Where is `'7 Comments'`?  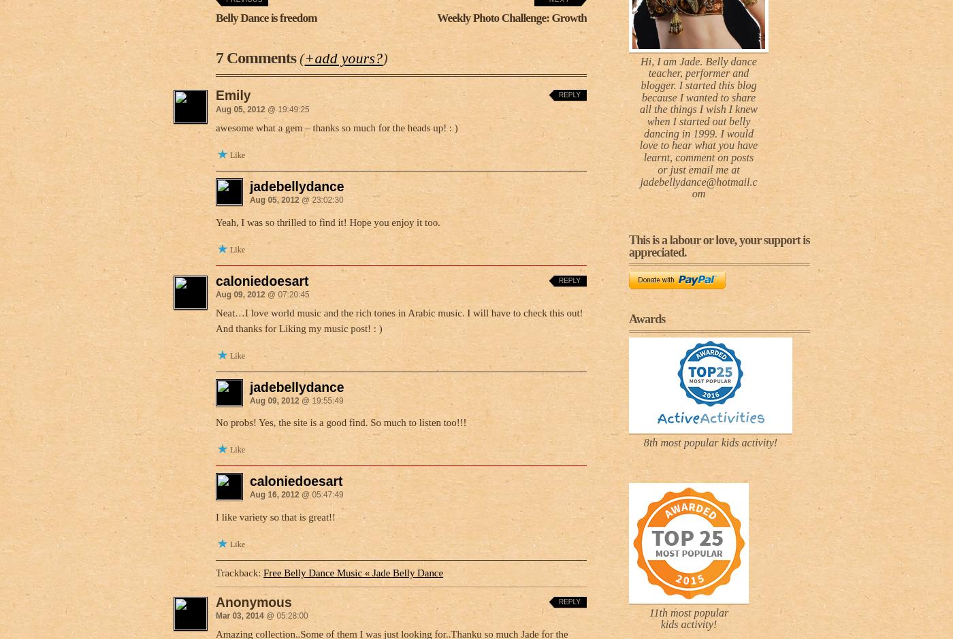
'7 Comments' is located at coordinates (257, 57).